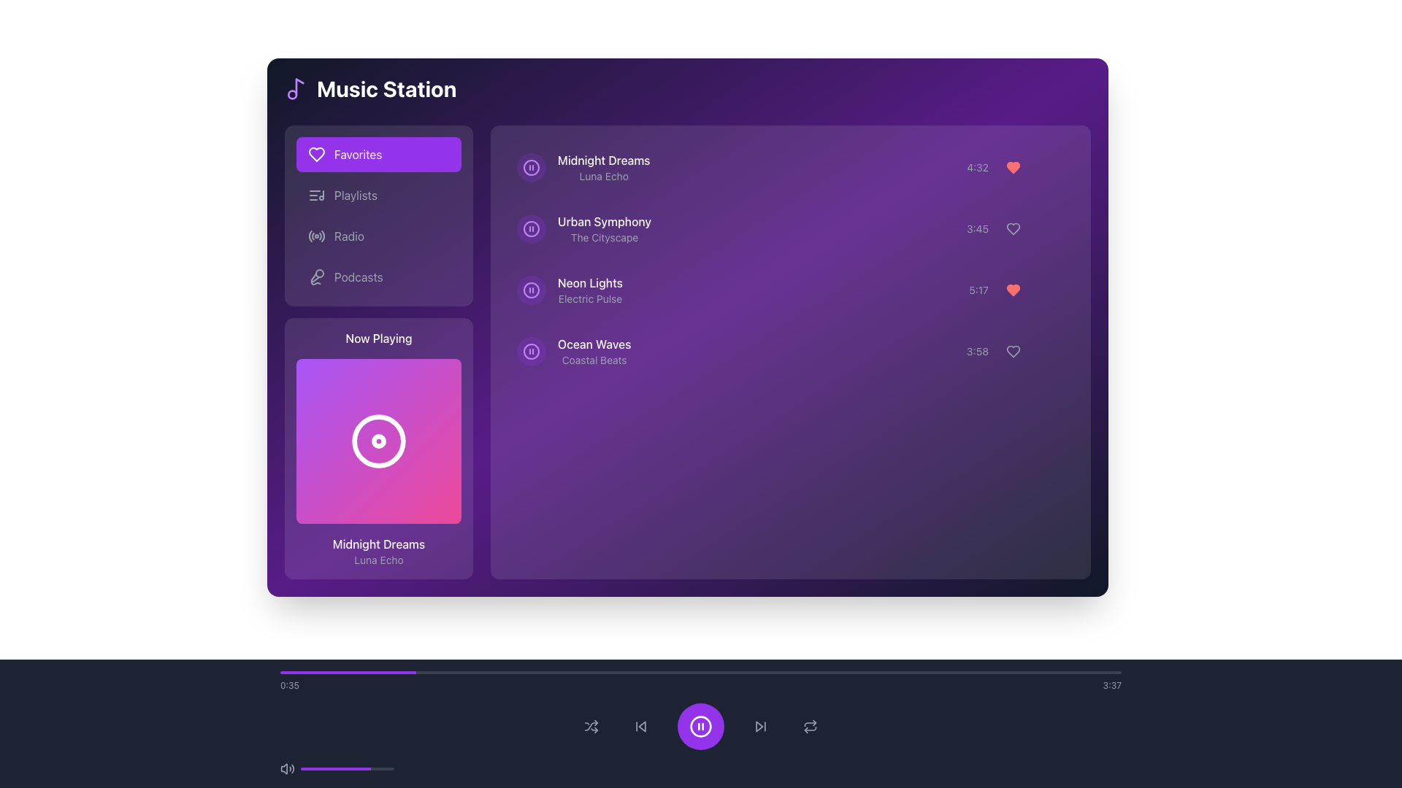 This screenshot has height=788, width=1402. Describe the element at coordinates (809, 726) in the screenshot. I see `the repeat icon button, which is the rightmost icon on the bottom control bar` at that location.